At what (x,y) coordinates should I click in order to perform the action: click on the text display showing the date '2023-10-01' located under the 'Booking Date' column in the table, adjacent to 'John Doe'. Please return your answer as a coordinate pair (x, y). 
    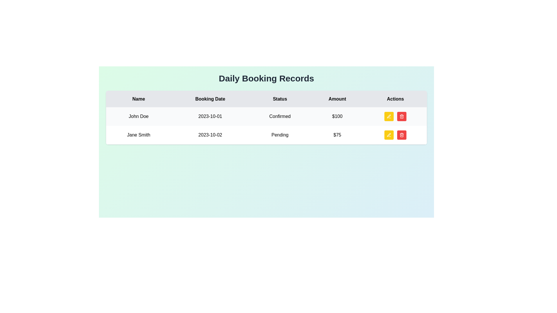
    Looking at the image, I should click on (210, 116).